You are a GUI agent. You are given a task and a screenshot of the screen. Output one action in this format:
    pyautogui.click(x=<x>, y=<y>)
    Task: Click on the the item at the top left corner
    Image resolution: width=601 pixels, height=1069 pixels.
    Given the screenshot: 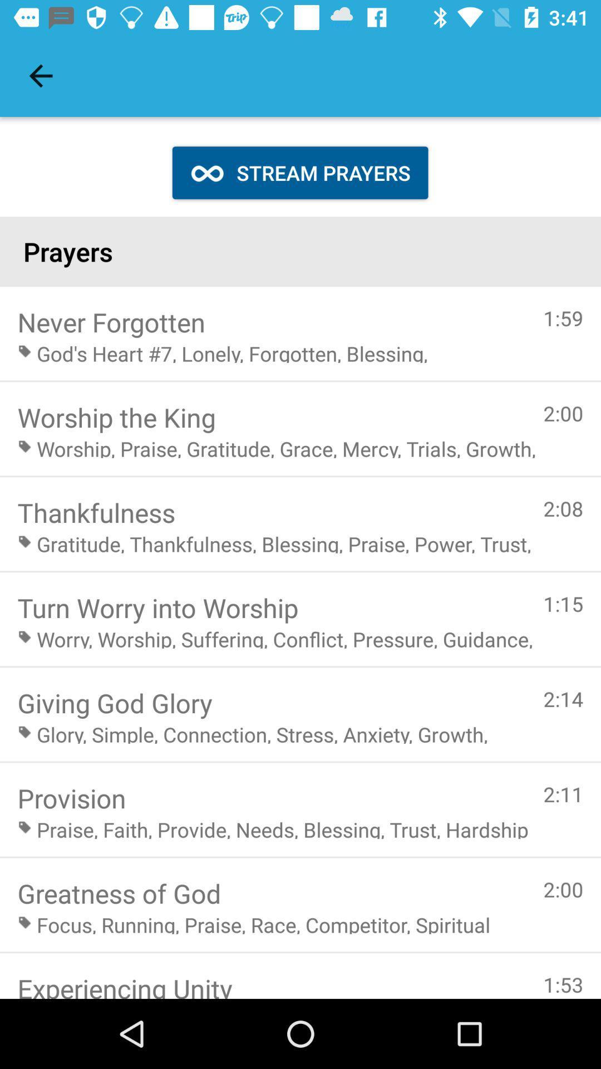 What is the action you would take?
    pyautogui.click(x=40, y=75)
    